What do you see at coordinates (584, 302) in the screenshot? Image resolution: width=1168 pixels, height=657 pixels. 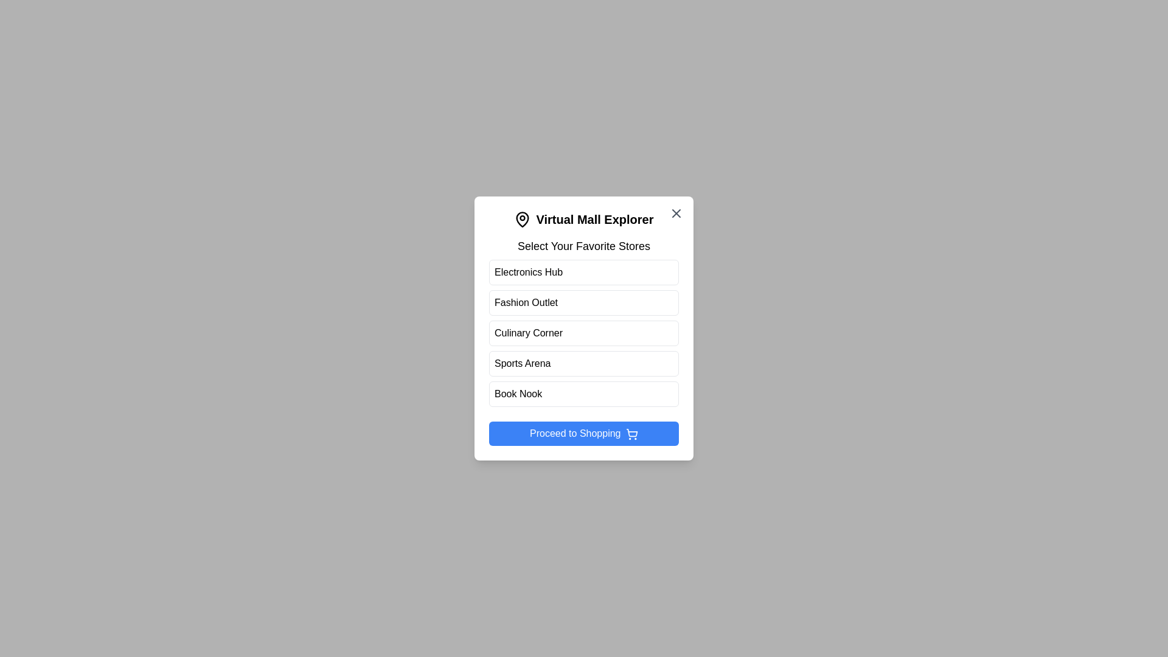 I see `the 'Fashion Outlet' option in the list of preferred stores` at bounding box center [584, 302].